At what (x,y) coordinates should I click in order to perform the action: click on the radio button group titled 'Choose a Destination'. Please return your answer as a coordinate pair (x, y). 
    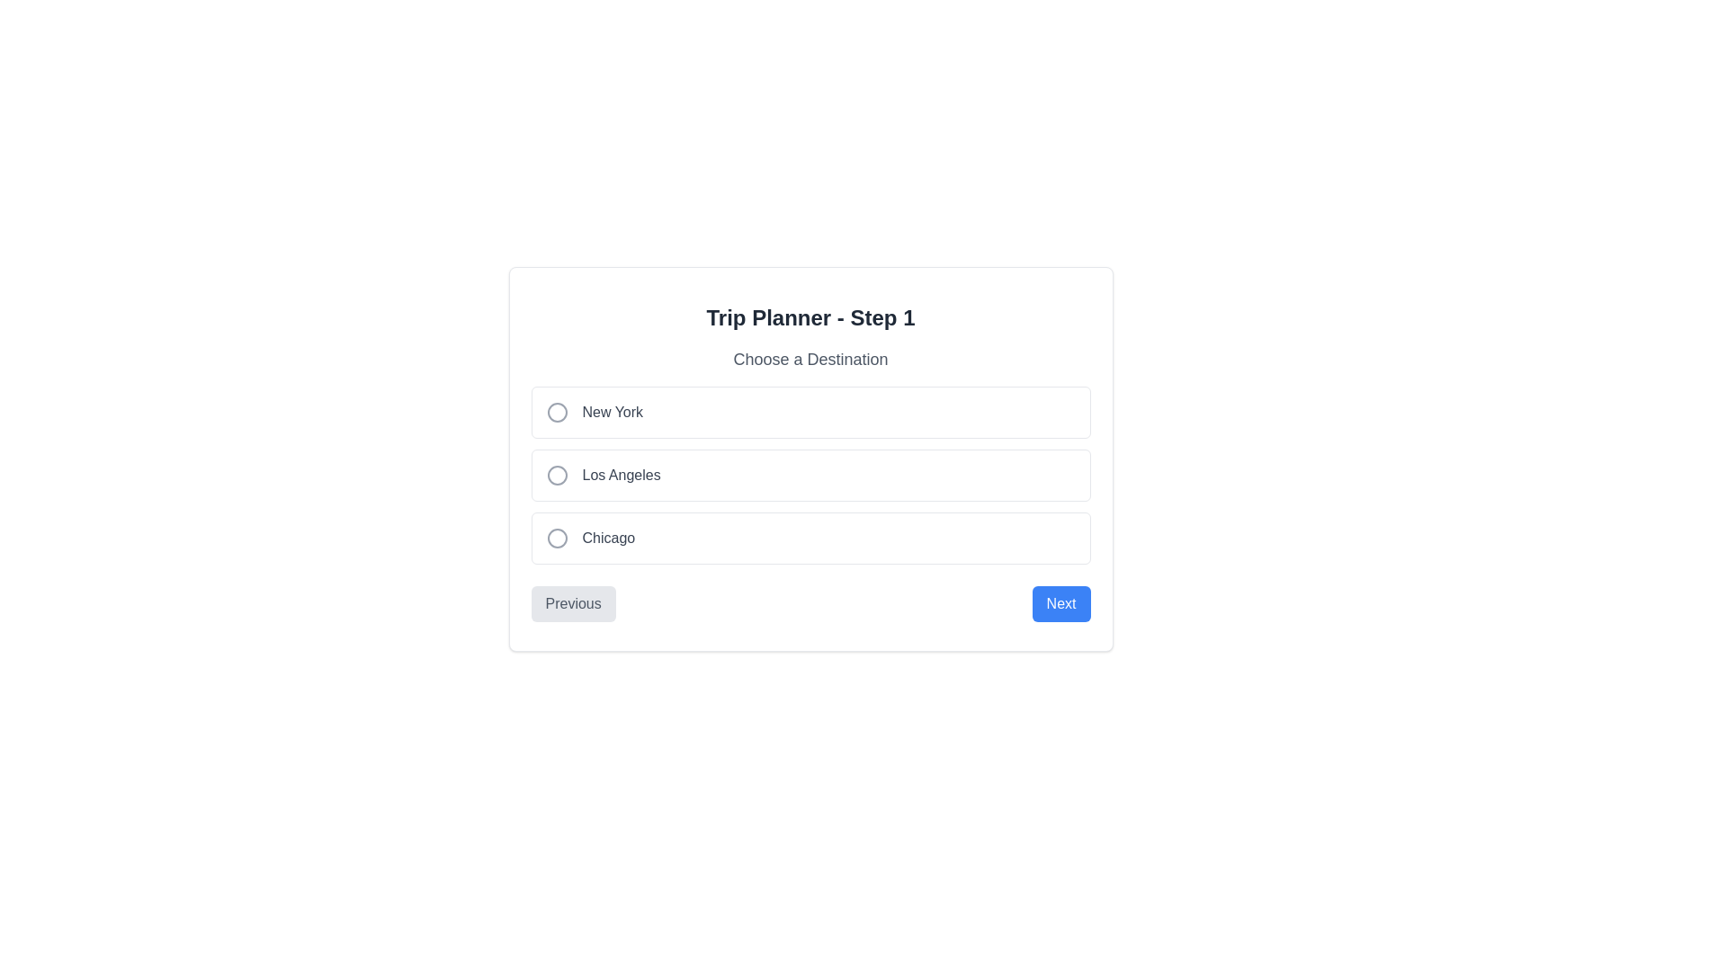
    Looking at the image, I should click on (810, 474).